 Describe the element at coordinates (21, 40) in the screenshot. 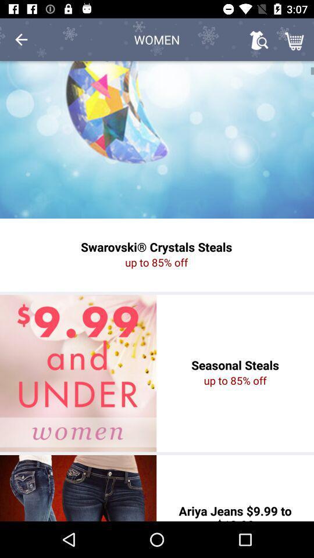

I see `icon to the left of the women item` at that location.